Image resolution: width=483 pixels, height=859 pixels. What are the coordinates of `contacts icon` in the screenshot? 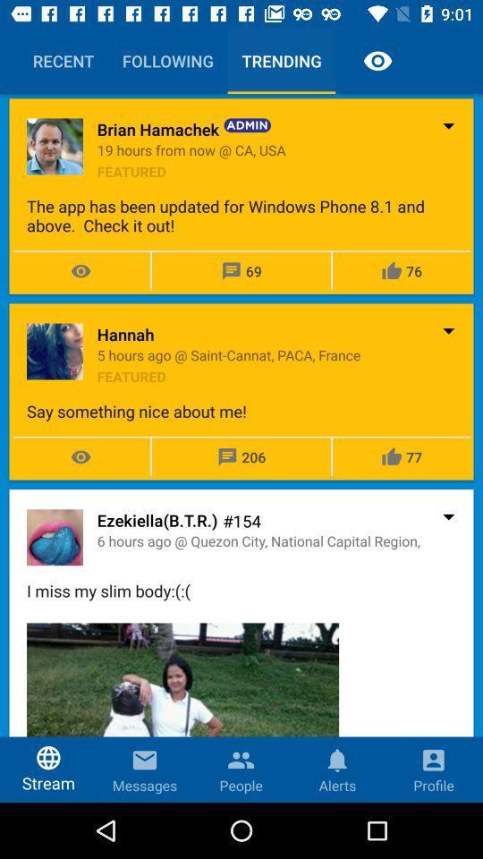 It's located at (241, 754).